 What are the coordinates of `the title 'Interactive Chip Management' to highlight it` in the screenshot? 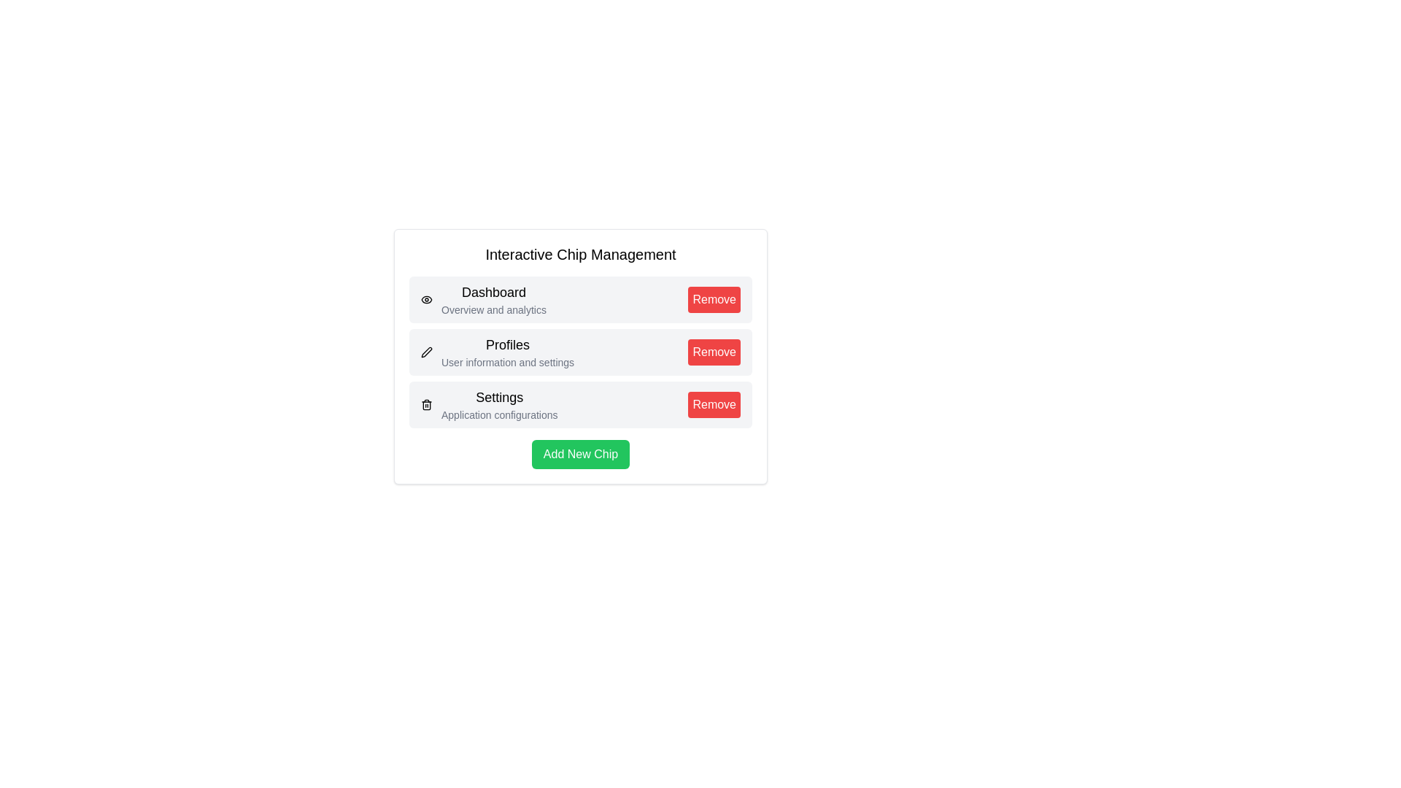 It's located at (580, 253).